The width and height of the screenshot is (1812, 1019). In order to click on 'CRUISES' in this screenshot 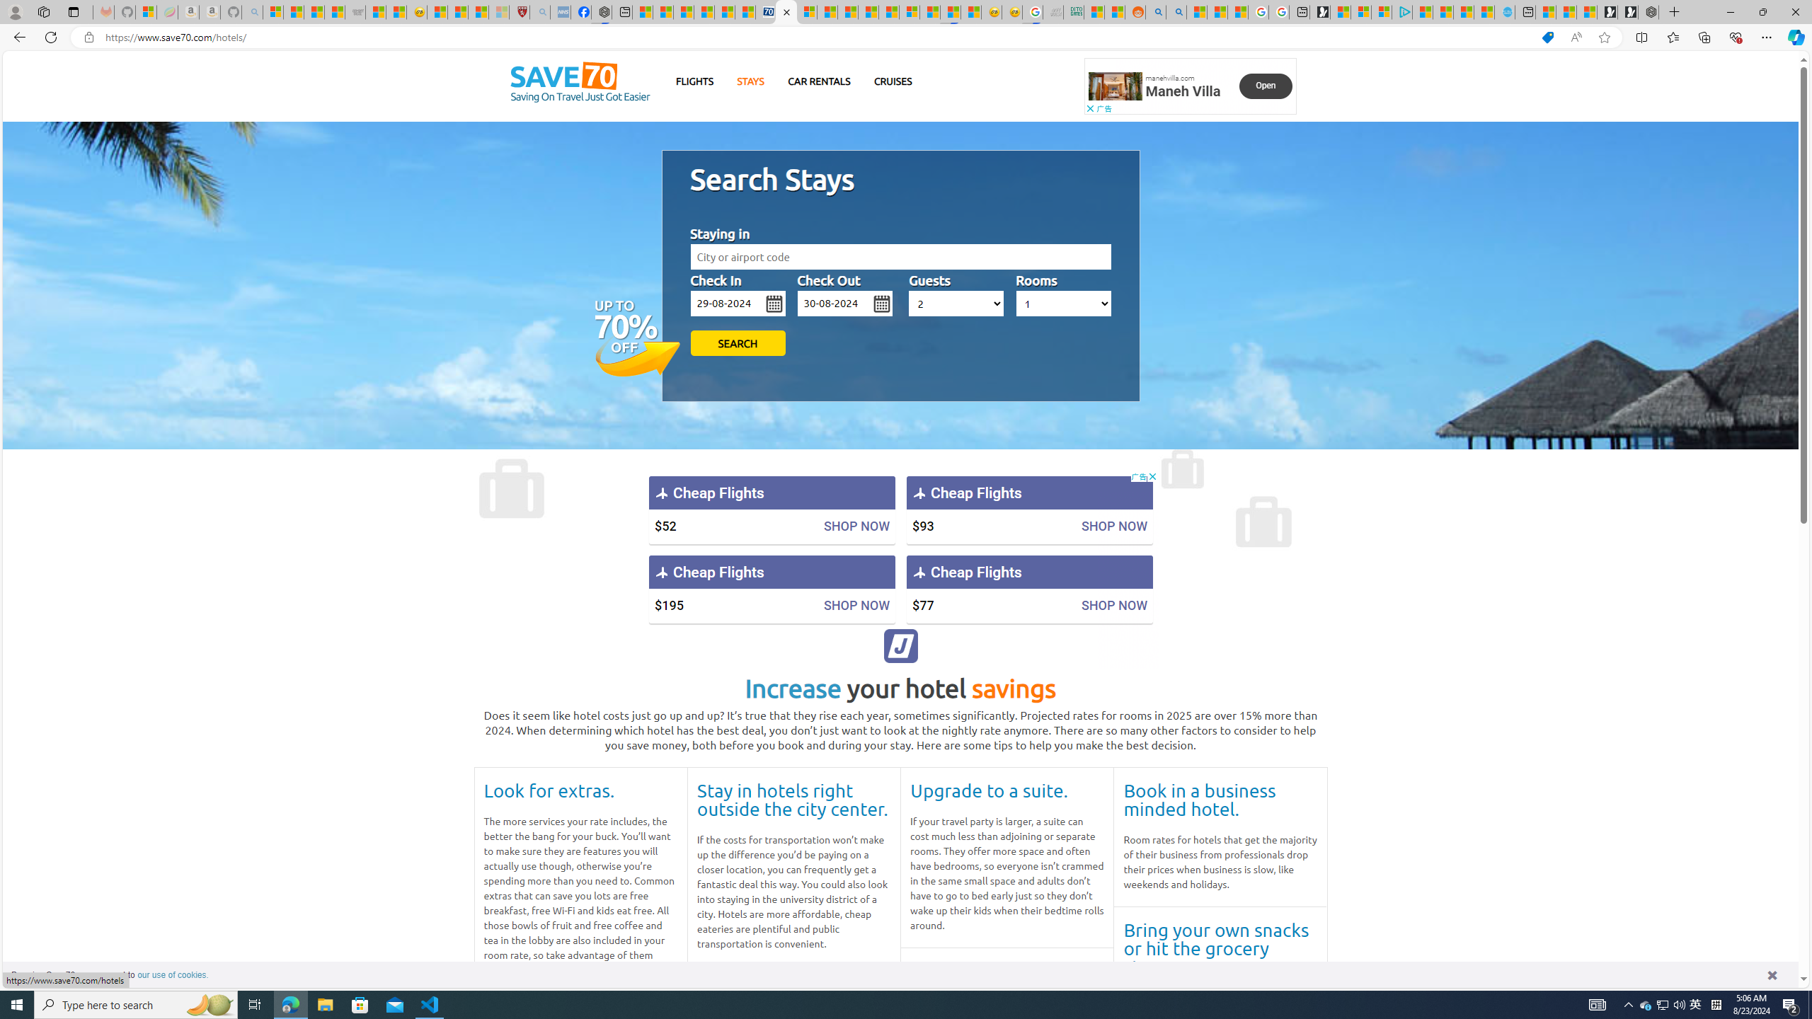, I will do `click(891, 81)`.